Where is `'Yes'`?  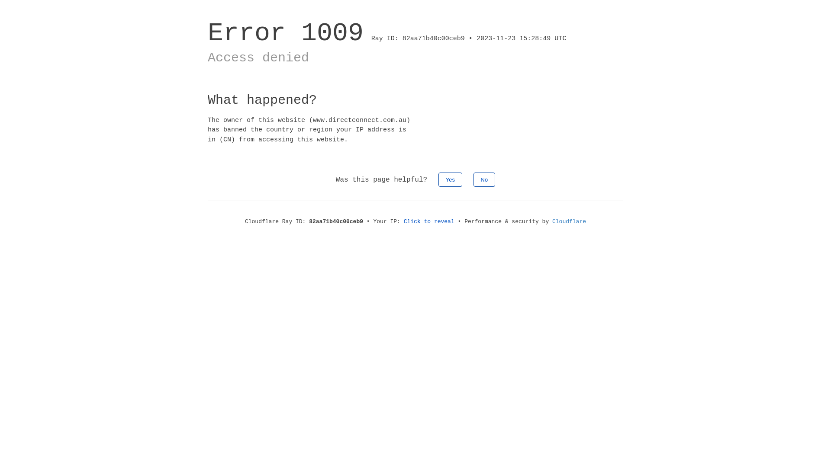
'Yes' is located at coordinates (450, 179).